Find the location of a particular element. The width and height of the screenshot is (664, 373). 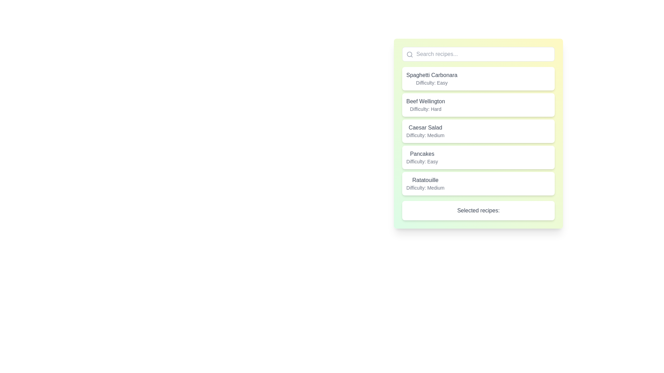

the recipe title text label located at the top of the first card in a vertical list of recipe cards is located at coordinates (431, 75).